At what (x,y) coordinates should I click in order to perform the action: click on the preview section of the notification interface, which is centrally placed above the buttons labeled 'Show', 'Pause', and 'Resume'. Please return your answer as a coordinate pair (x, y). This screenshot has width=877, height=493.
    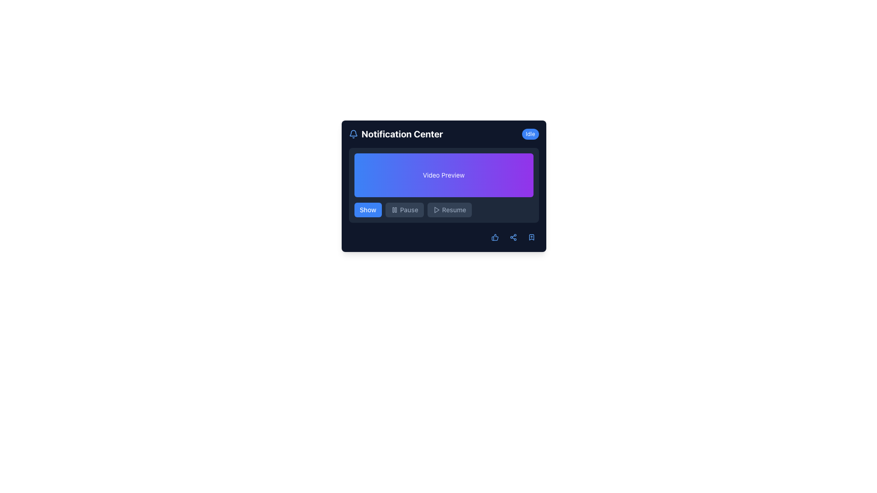
    Looking at the image, I should click on (444, 195).